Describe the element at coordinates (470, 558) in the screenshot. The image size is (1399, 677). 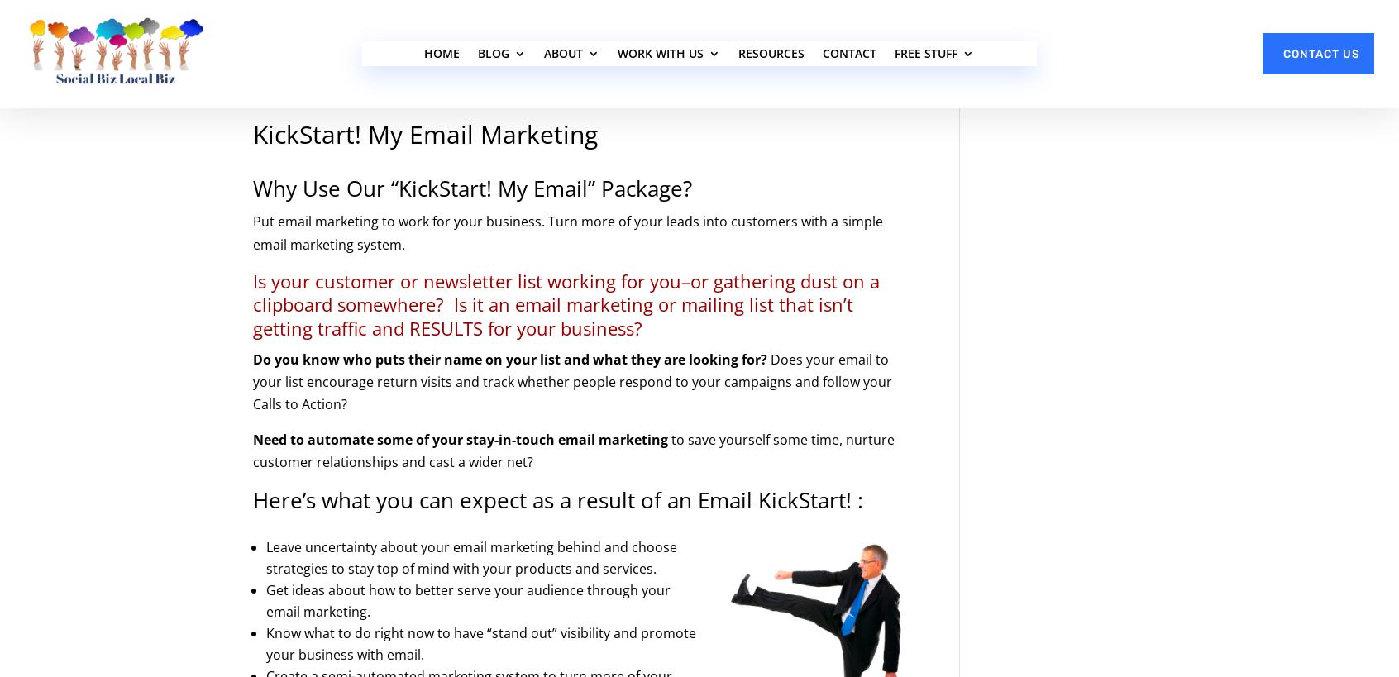
I see `'Leave uncertainty about your email marketing behind and choose strategies to stay top of mind with your products and services.'` at that location.